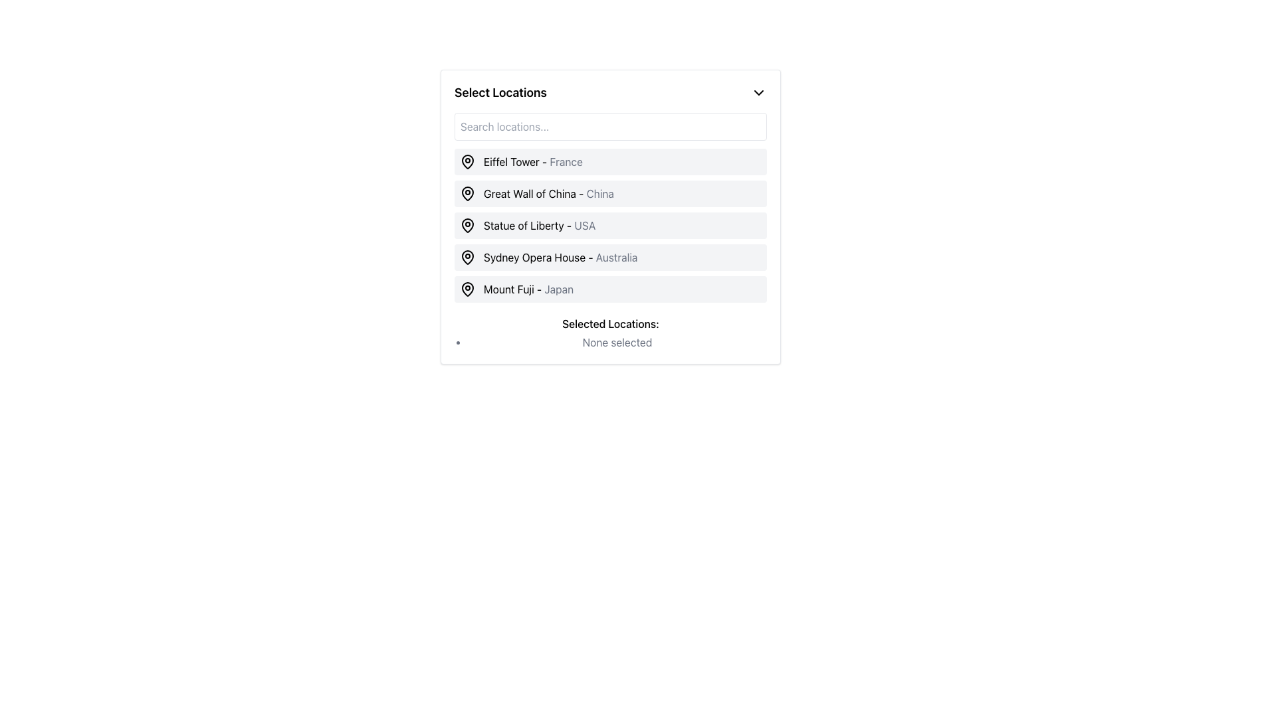 This screenshot has height=717, width=1276. What do you see at coordinates (759, 92) in the screenshot?
I see `the Dropdown indicator icon located in the top-right corner of the 'Select Locations' panel header` at bounding box center [759, 92].